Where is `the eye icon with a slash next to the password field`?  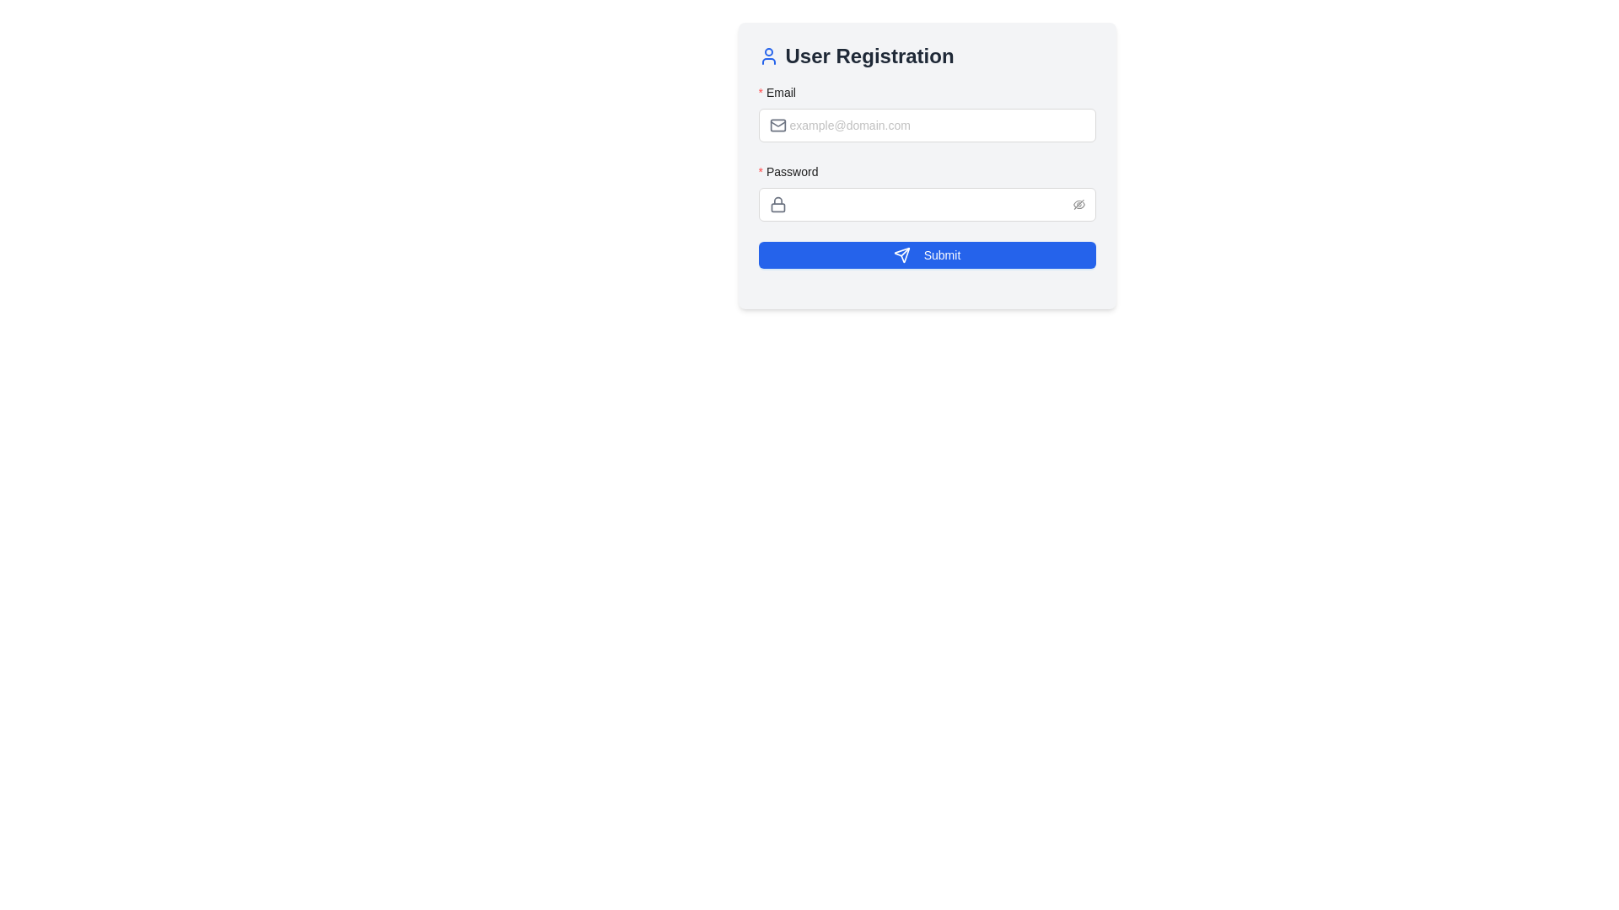
the eye icon with a slash next to the password field is located at coordinates (1078, 204).